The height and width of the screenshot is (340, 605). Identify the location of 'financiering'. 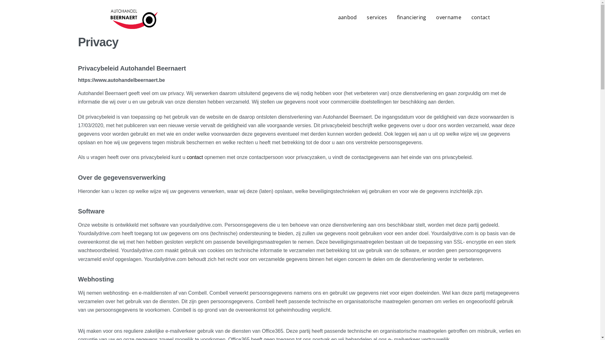
(412, 17).